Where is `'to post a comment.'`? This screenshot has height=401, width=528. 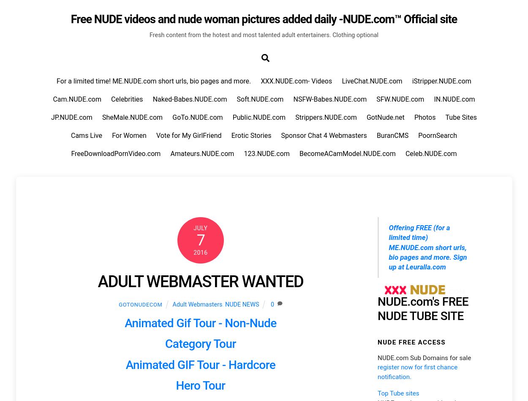
'to post a comment.' is located at coordinates (142, 41).